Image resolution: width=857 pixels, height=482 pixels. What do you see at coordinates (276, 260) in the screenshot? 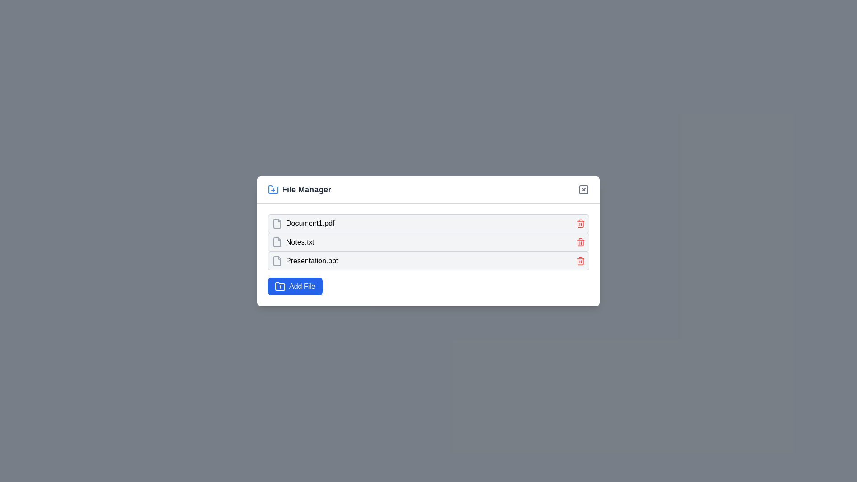
I see `the file icon representing 'Presentation.ppt', which is a gray rectangular document icon with a folded upper-right corner, located as the first element in its row within the file manager` at bounding box center [276, 260].